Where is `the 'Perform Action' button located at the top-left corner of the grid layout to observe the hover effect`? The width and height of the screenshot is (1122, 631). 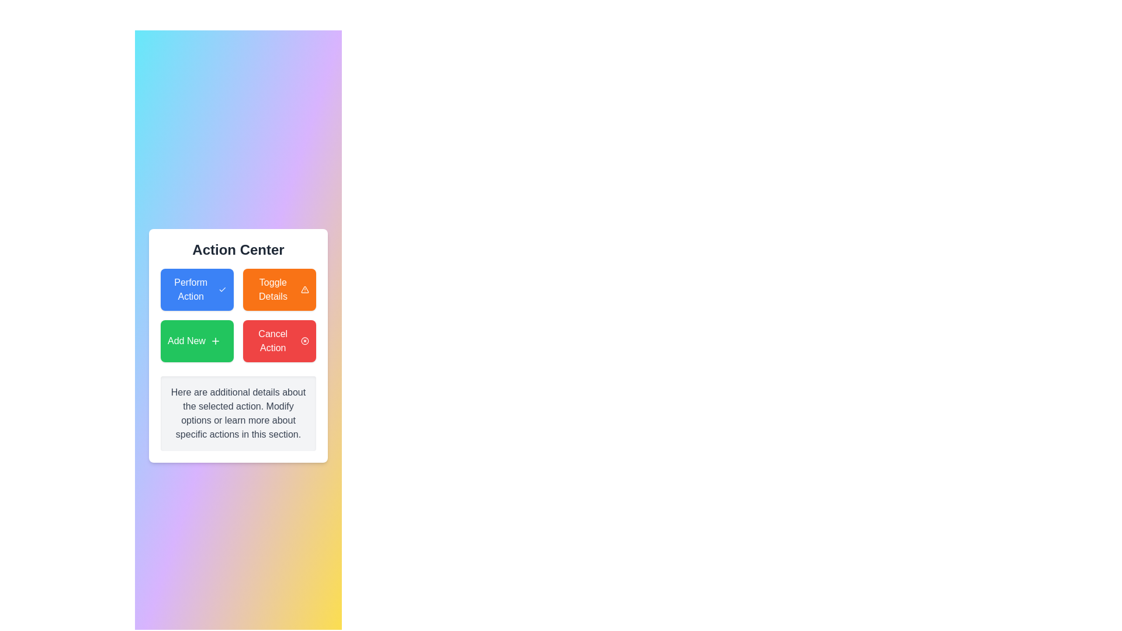 the 'Perform Action' button located at the top-left corner of the grid layout to observe the hover effect is located at coordinates (197, 289).